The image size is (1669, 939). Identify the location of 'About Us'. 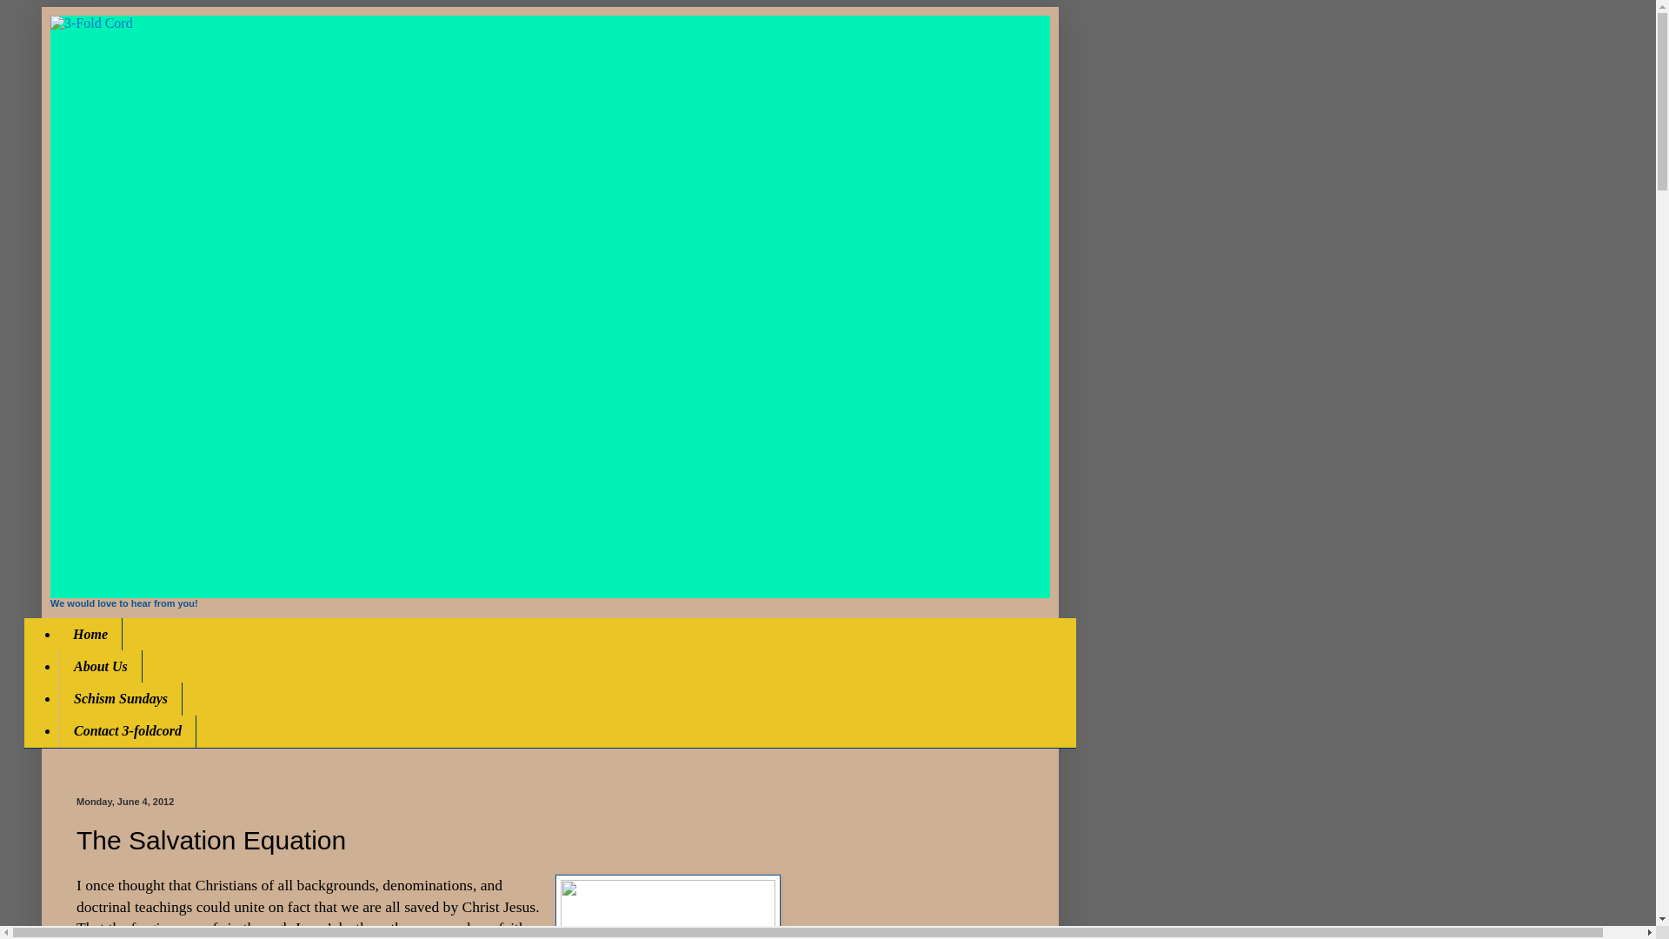
(58, 665).